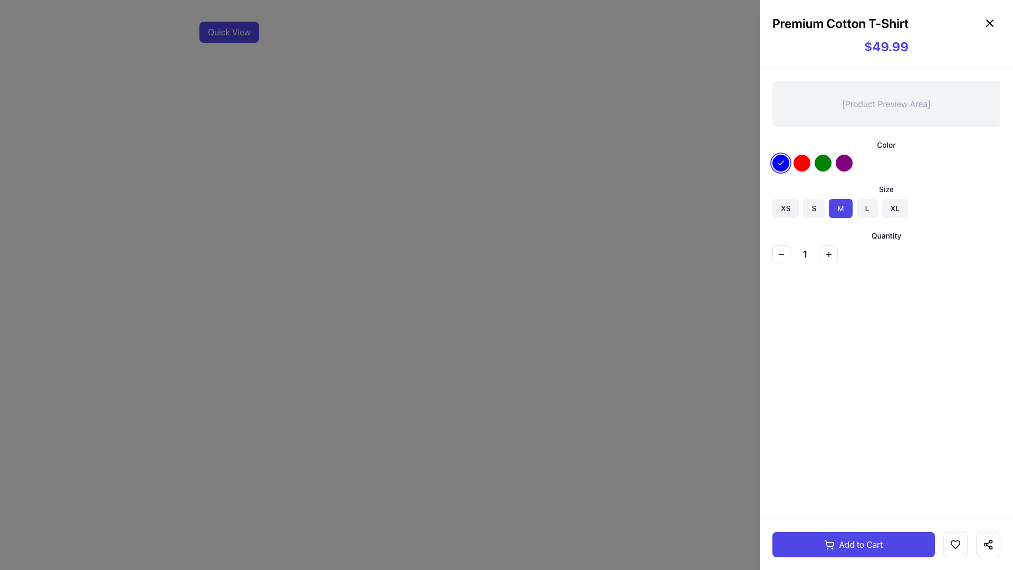  Describe the element at coordinates (780, 163) in the screenshot. I see `the blue circular button indicating the currently selected color in the color selection section under the 'Color' label` at that location.